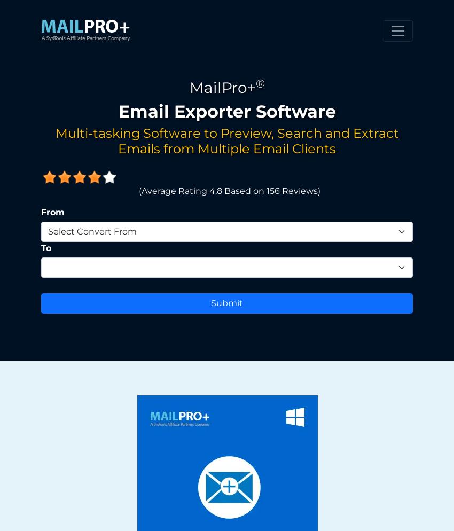  Describe the element at coordinates (69, 41) in the screenshot. I see `'Click on Scan File Button'` at that location.